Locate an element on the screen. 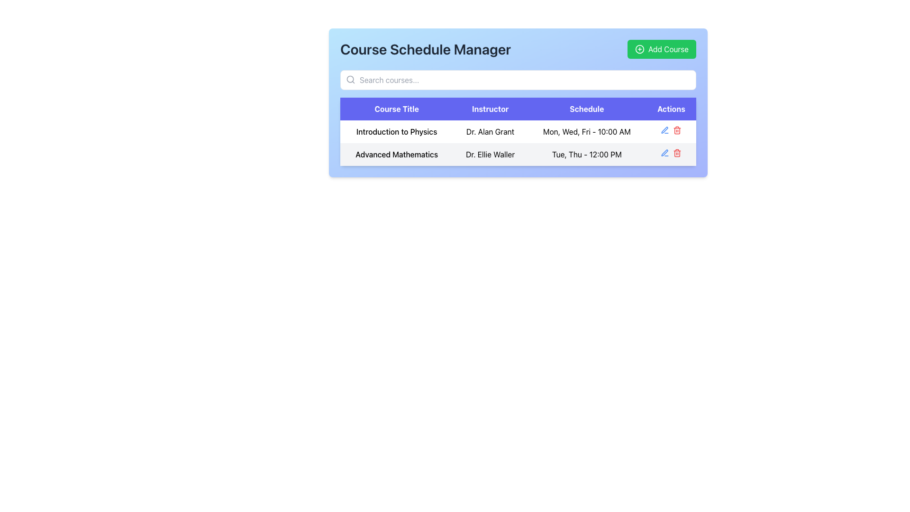  the icons within the 'Actions' column cell for the 'Advanced Mathematics' row to initiate editing or deletion actions is located at coordinates (671, 154).